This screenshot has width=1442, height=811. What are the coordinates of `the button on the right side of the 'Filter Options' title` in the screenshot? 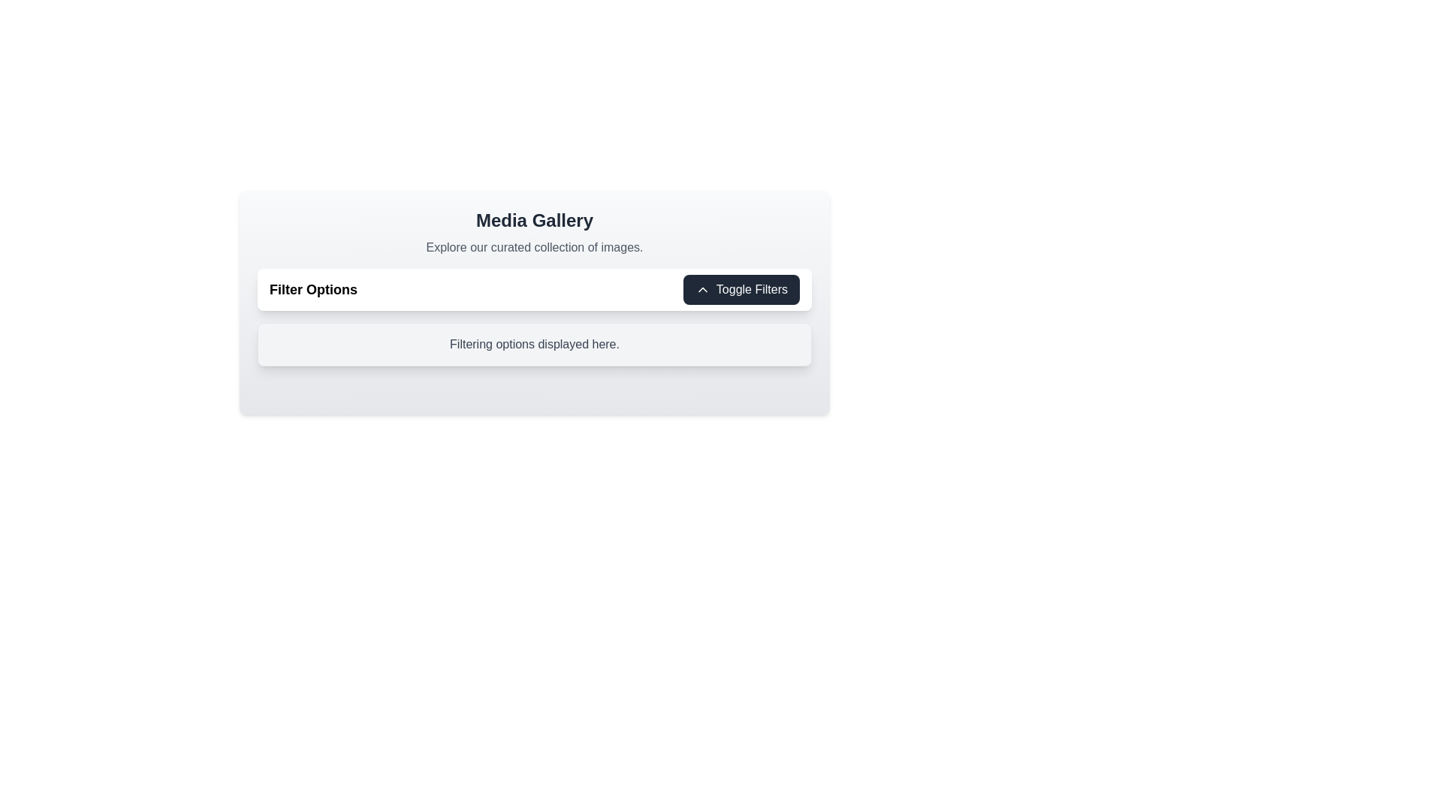 It's located at (741, 289).